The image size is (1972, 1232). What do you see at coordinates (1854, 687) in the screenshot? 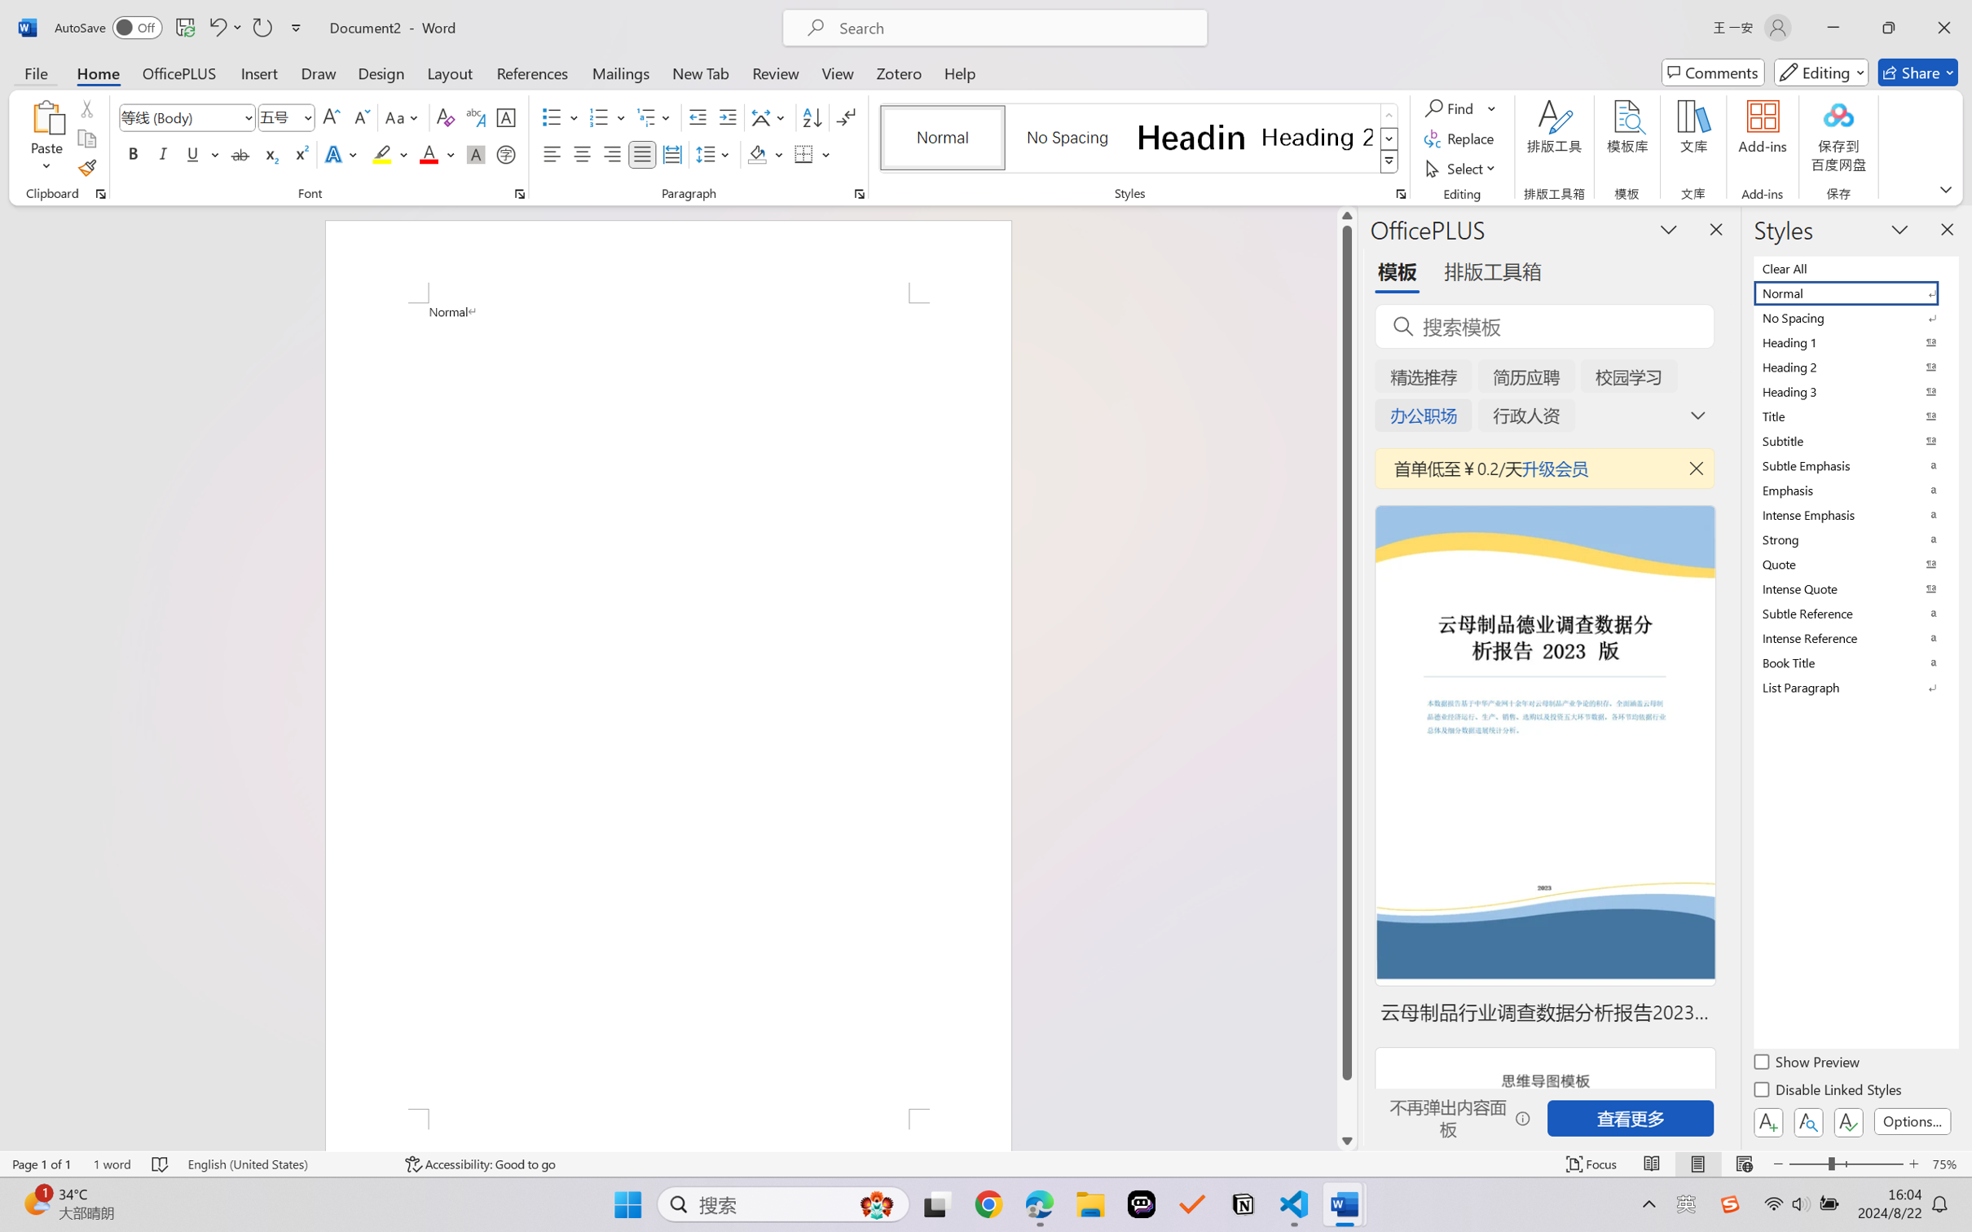
I see `'List Paragraph'` at bounding box center [1854, 687].